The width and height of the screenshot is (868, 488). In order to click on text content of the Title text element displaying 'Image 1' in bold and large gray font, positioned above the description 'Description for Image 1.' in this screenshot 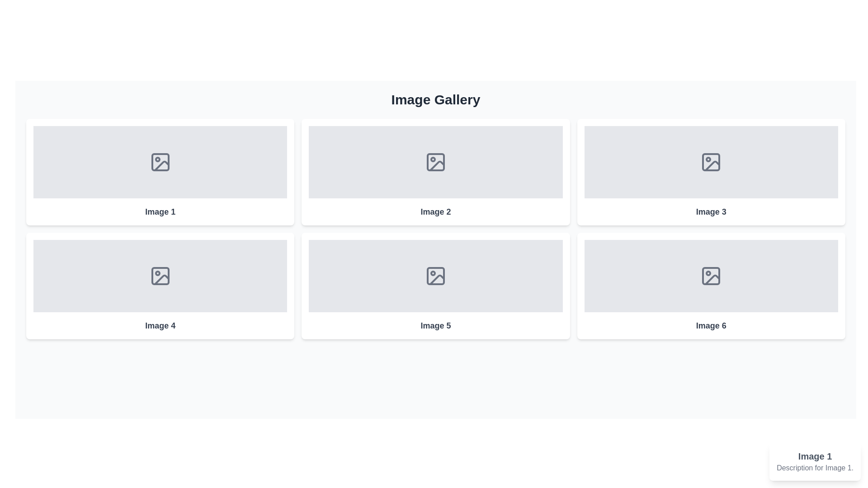, I will do `click(815, 456)`.